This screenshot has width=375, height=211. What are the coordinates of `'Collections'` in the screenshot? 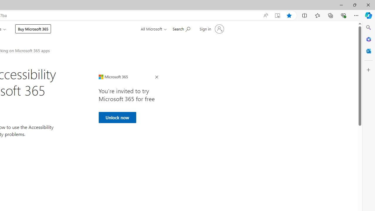 It's located at (330, 15).